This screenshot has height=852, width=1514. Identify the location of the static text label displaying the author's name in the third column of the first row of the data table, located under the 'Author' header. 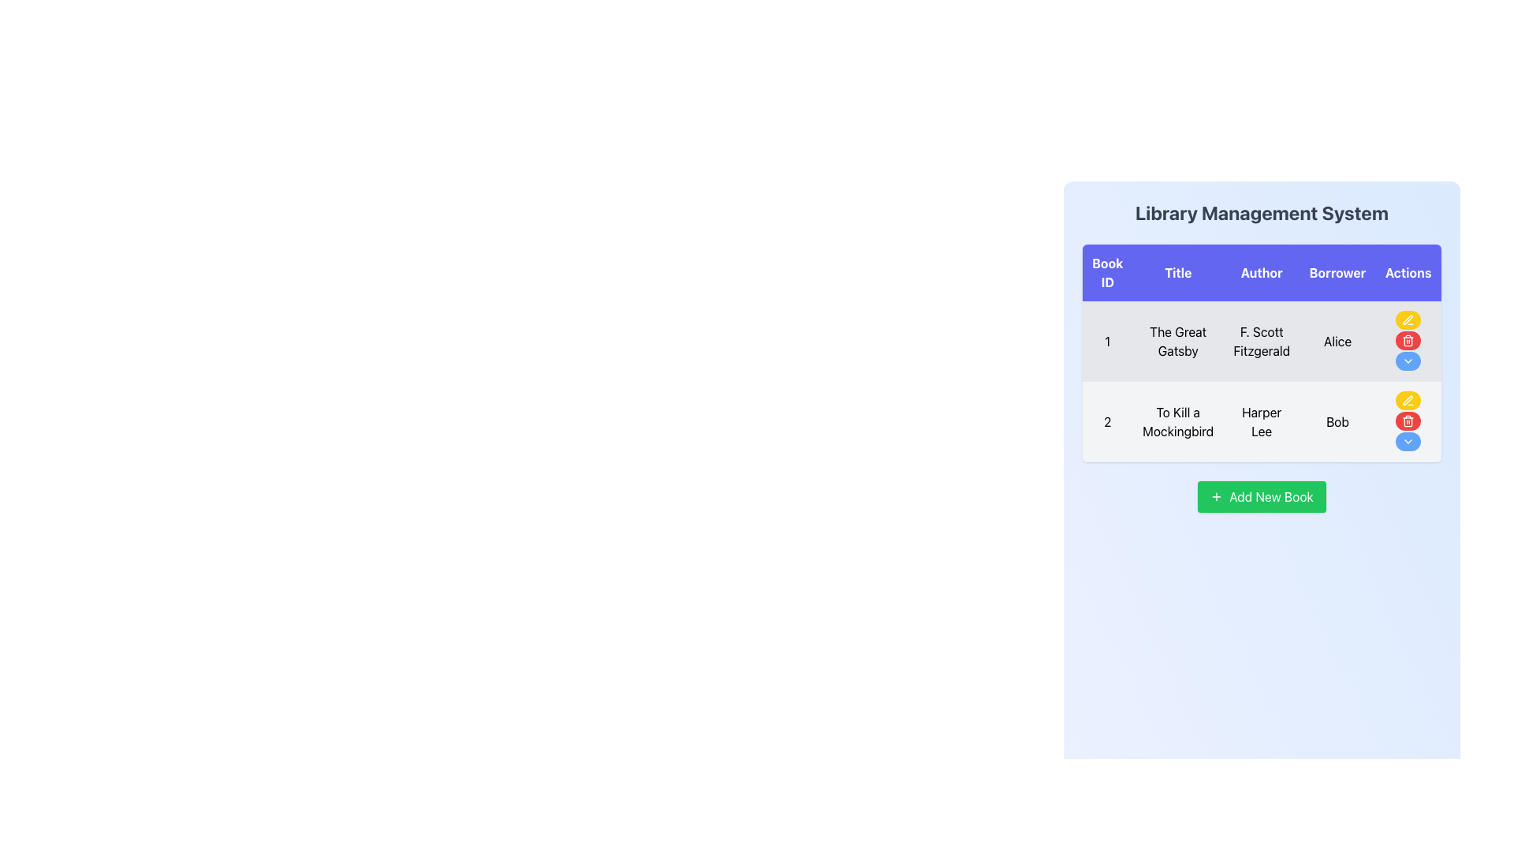
(1262, 340).